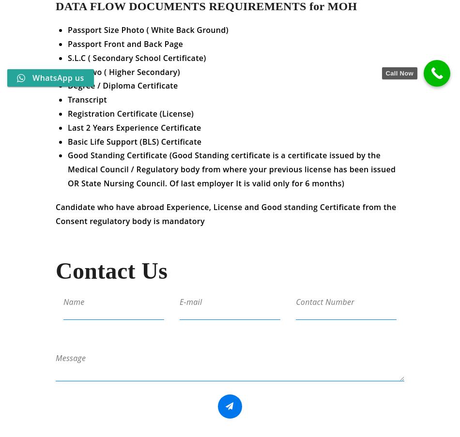 The image size is (460, 437). What do you see at coordinates (58, 77) in the screenshot?
I see `'WhatsApp us'` at bounding box center [58, 77].